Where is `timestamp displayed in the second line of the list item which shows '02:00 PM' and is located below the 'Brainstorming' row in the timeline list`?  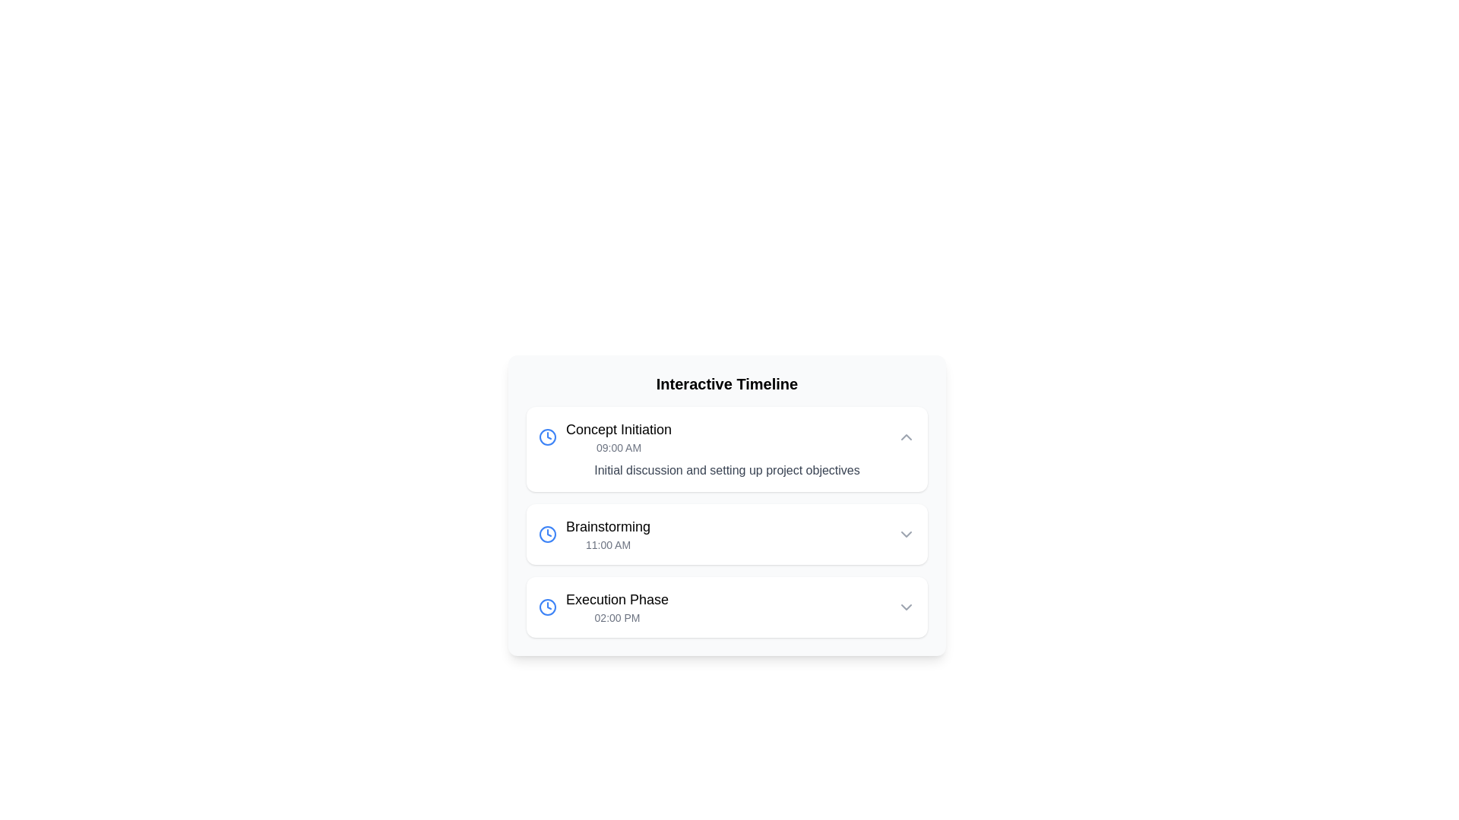
timestamp displayed in the second line of the list item which shows '02:00 PM' and is located below the 'Brainstorming' row in the timeline list is located at coordinates (603, 606).